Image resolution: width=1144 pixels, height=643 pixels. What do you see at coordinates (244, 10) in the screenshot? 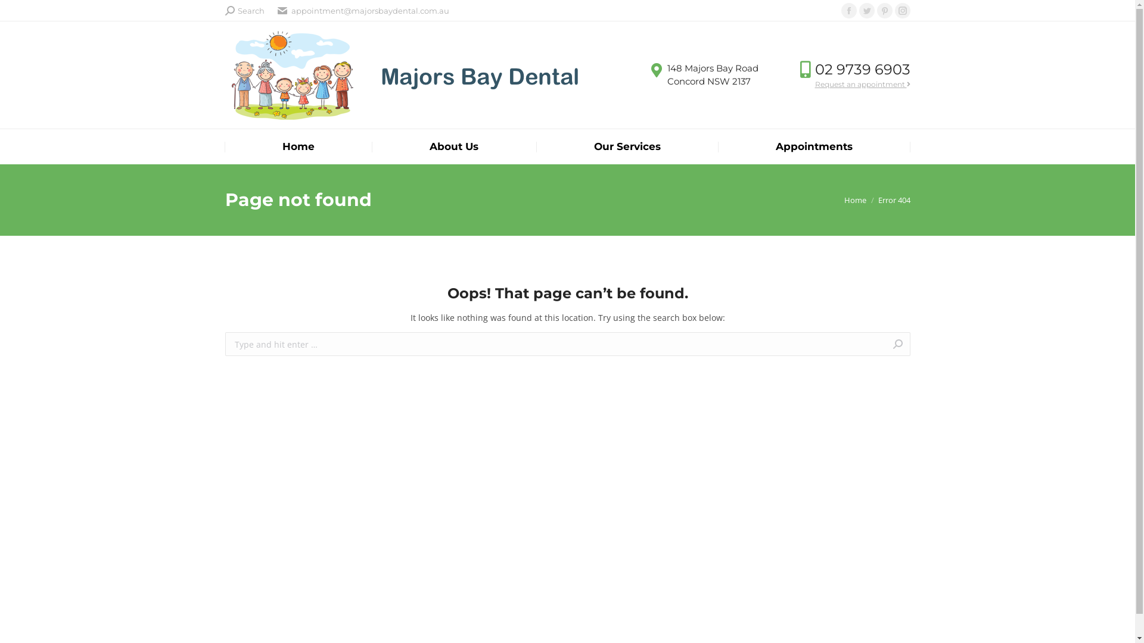
I see `'Search'` at bounding box center [244, 10].